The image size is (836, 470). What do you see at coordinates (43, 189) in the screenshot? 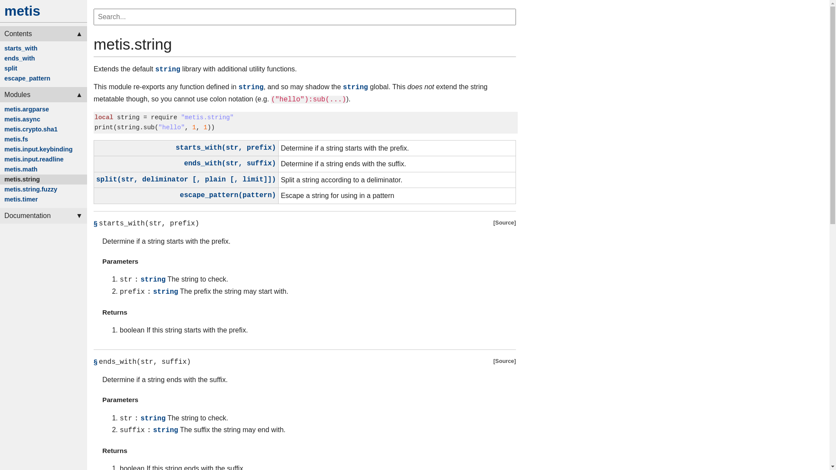
I see `'metis.string.fuzzy'` at bounding box center [43, 189].